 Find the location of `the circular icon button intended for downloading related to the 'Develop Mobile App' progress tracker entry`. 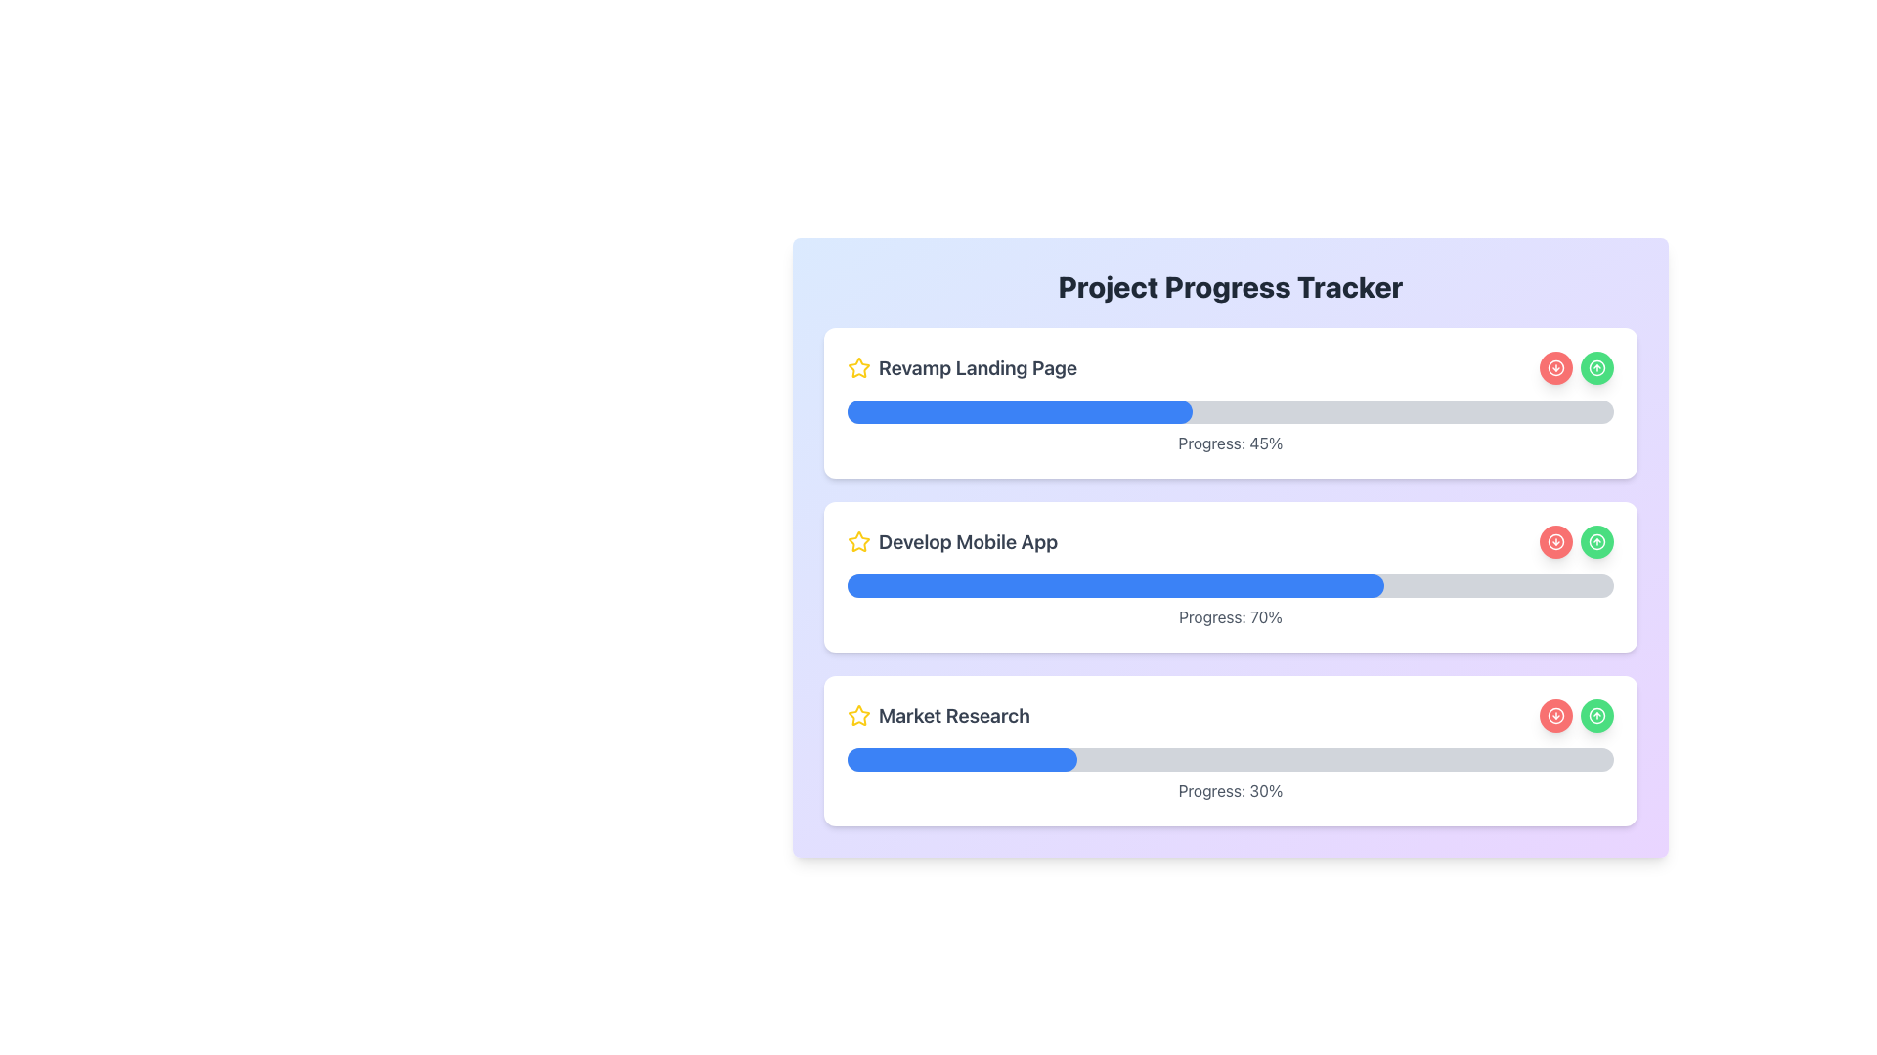

the circular icon button intended for downloading related to the 'Develop Mobile App' progress tracker entry is located at coordinates (1555, 542).